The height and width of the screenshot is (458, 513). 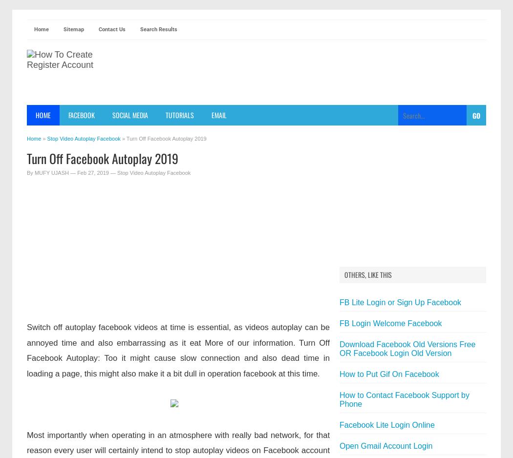 I want to click on 'Social Media', so click(x=129, y=114).